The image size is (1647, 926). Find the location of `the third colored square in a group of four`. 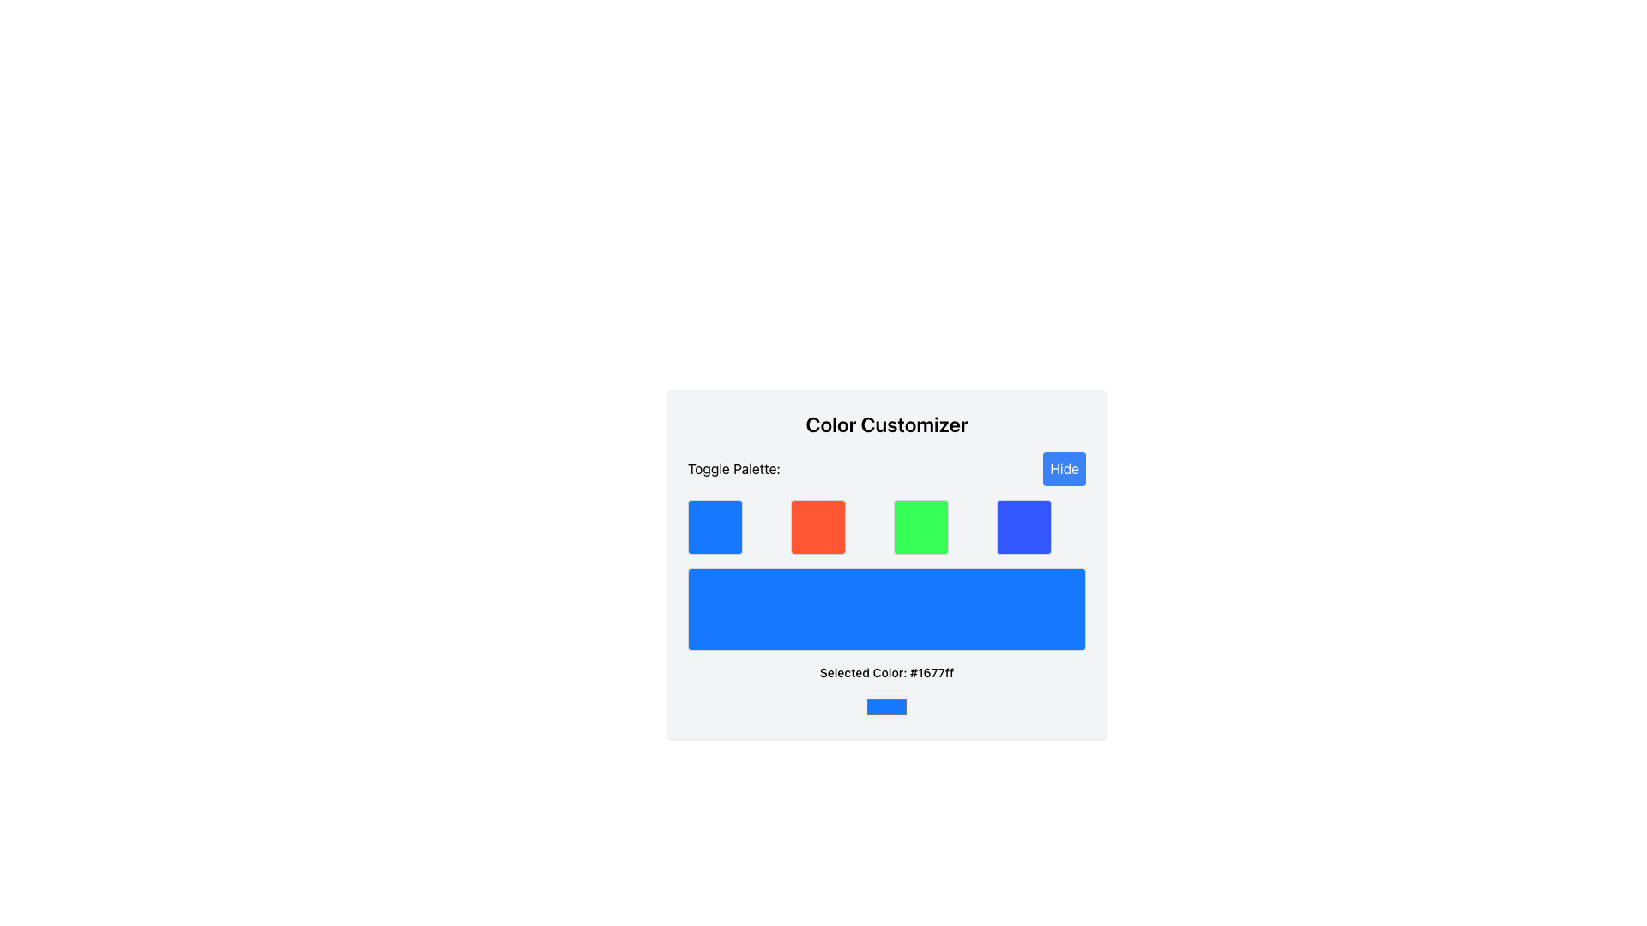

the third colored square in a group of four is located at coordinates (920, 526).